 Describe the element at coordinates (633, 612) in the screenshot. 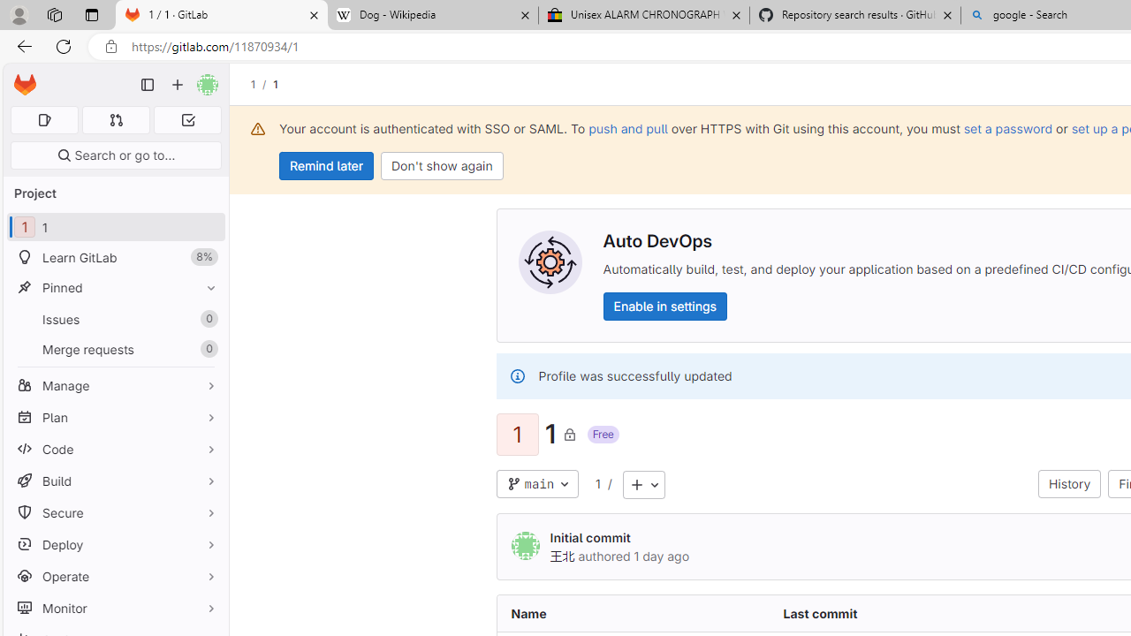

I see `'Name'` at that location.